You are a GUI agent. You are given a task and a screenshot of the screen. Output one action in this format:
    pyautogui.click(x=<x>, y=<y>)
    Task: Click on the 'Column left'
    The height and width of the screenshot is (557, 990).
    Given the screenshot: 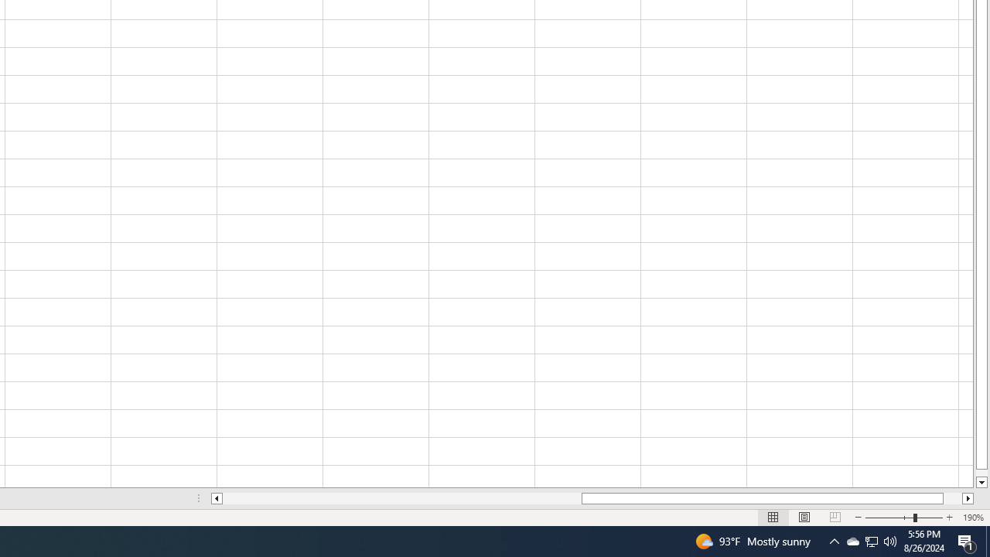 What is the action you would take?
    pyautogui.click(x=215, y=498)
    